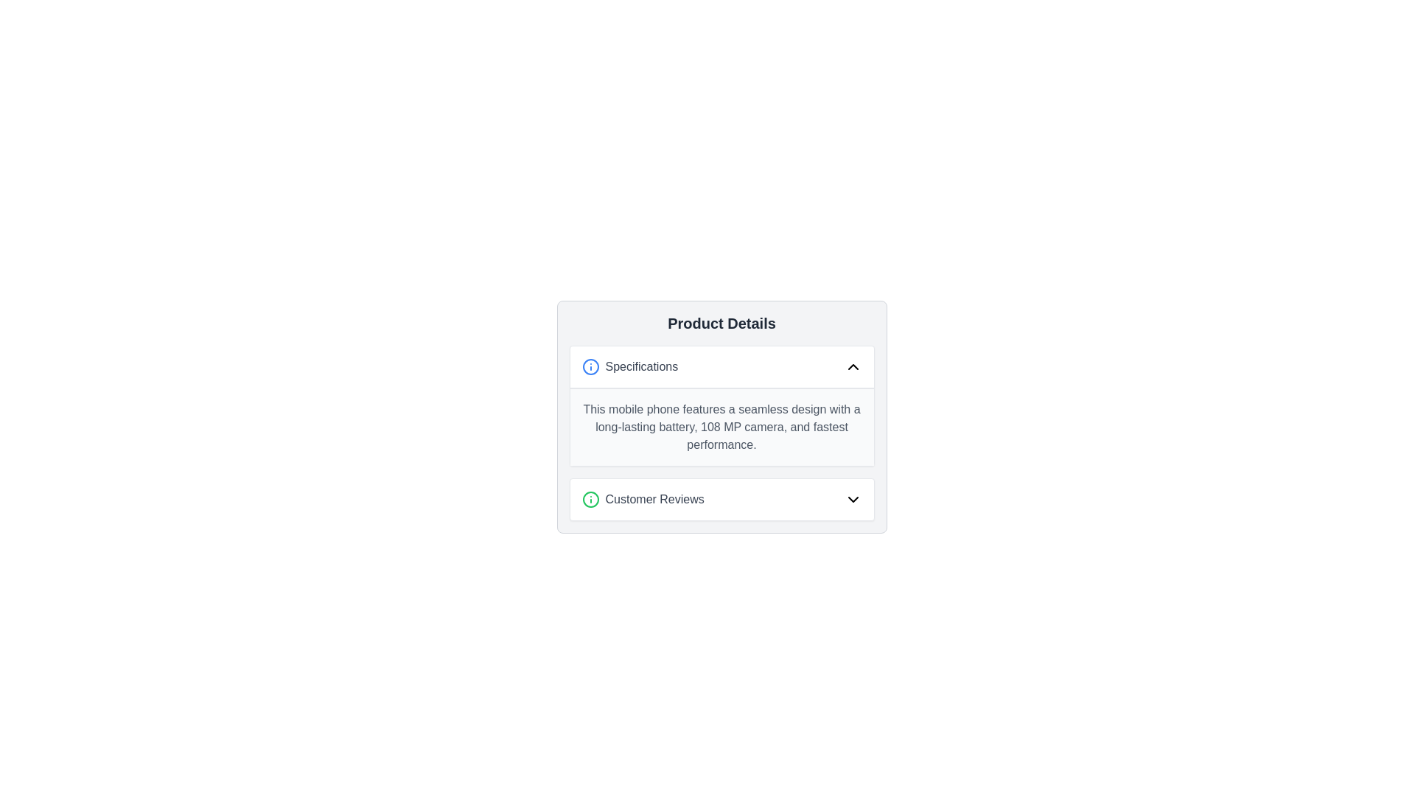 This screenshot has width=1415, height=796. What do you see at coordinates (722, 366) in the screenshot?
I see `the 'Specifications' Expandable Section Header` at bounding box center [722, 366].